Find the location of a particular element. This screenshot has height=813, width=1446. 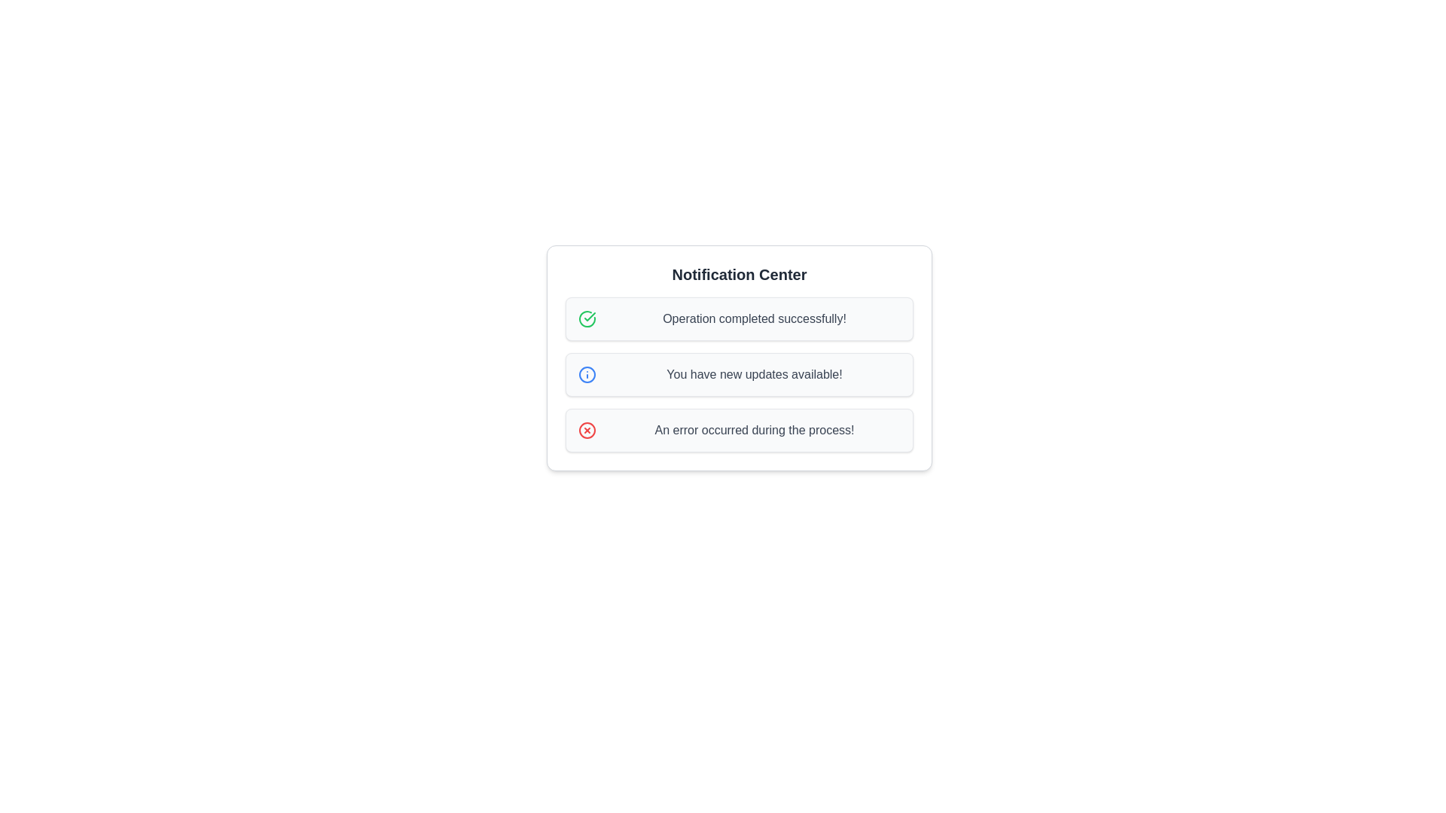

error message from the notification box that contains a red 'X' icon and the text 'An error occurred during the process!' is located at coordinates (740, 430).